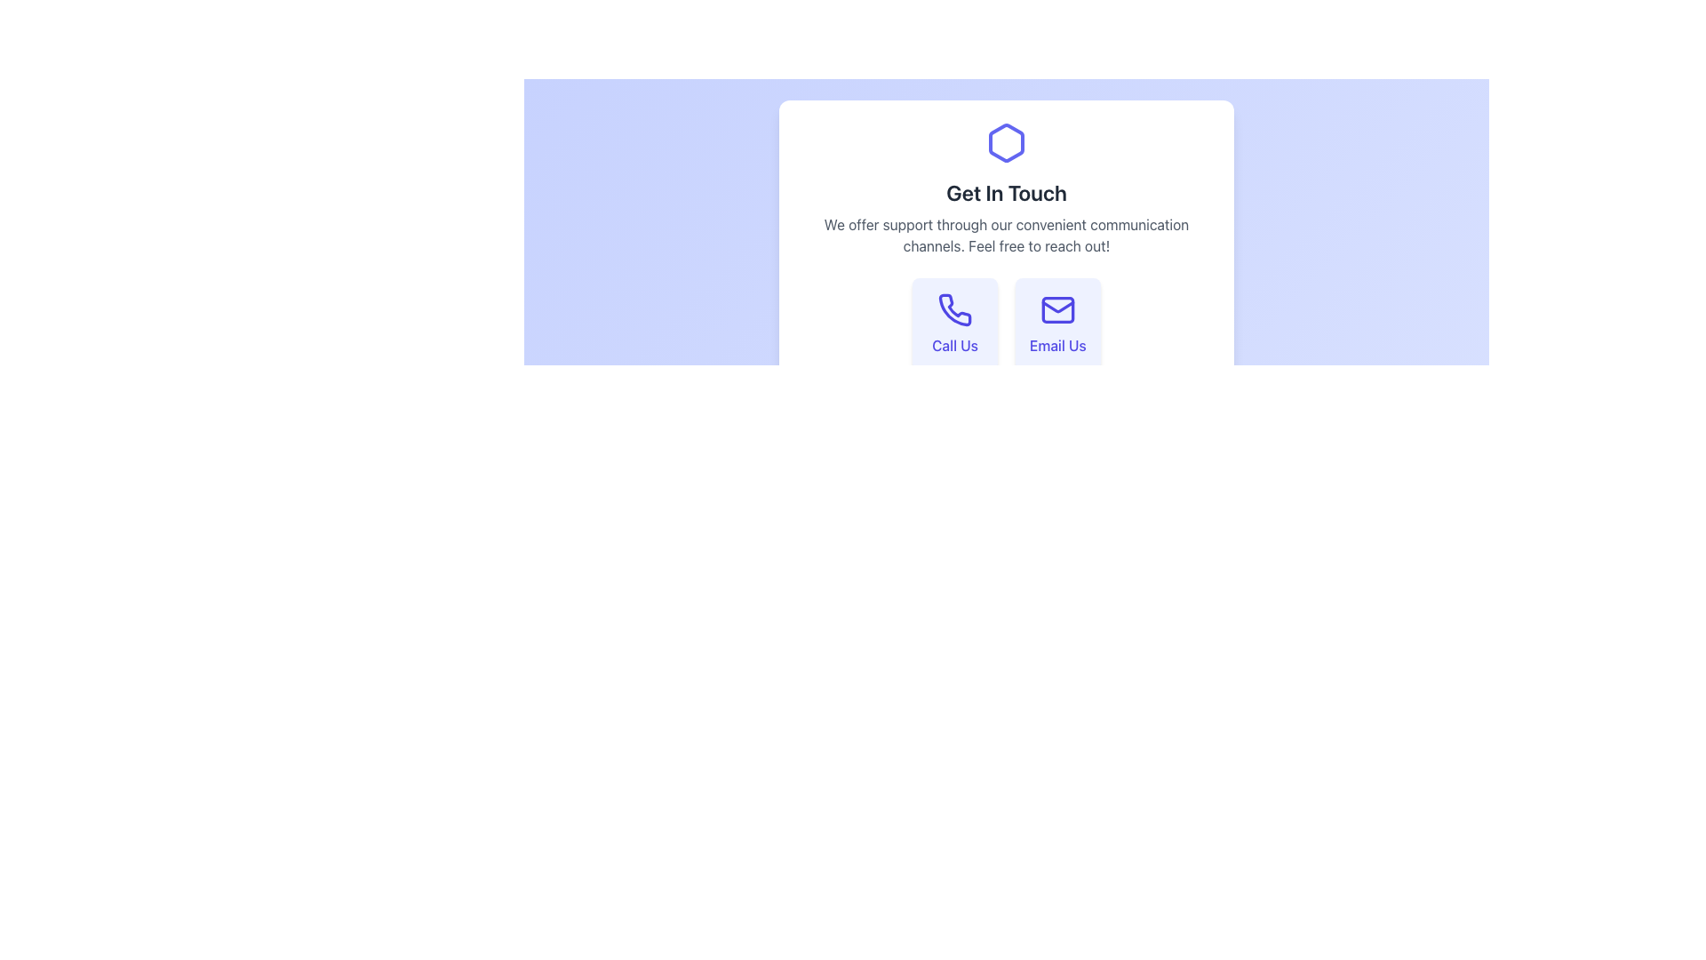 Image resolution: width=1706 pixels, height=960 pixels. Describe the element at coordinates (954, 324) in the screenshot. I see `the 'Call Us' button, which features a rounded rectangle with a light indigo background and a phone icon above the text in bold dark indigo` at that location.